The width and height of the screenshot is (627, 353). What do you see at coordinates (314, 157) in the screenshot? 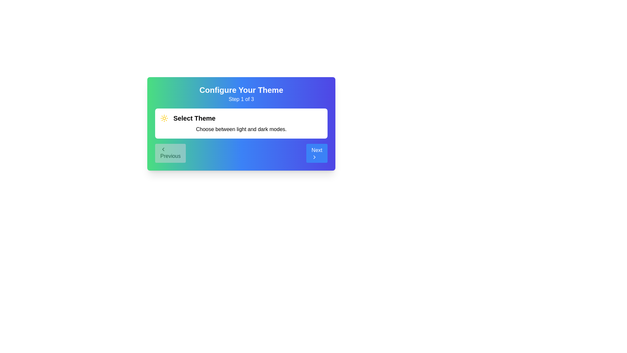
I see `the chevron icon located on the right side of the 'Next' button` at bounding box center [314, 157].